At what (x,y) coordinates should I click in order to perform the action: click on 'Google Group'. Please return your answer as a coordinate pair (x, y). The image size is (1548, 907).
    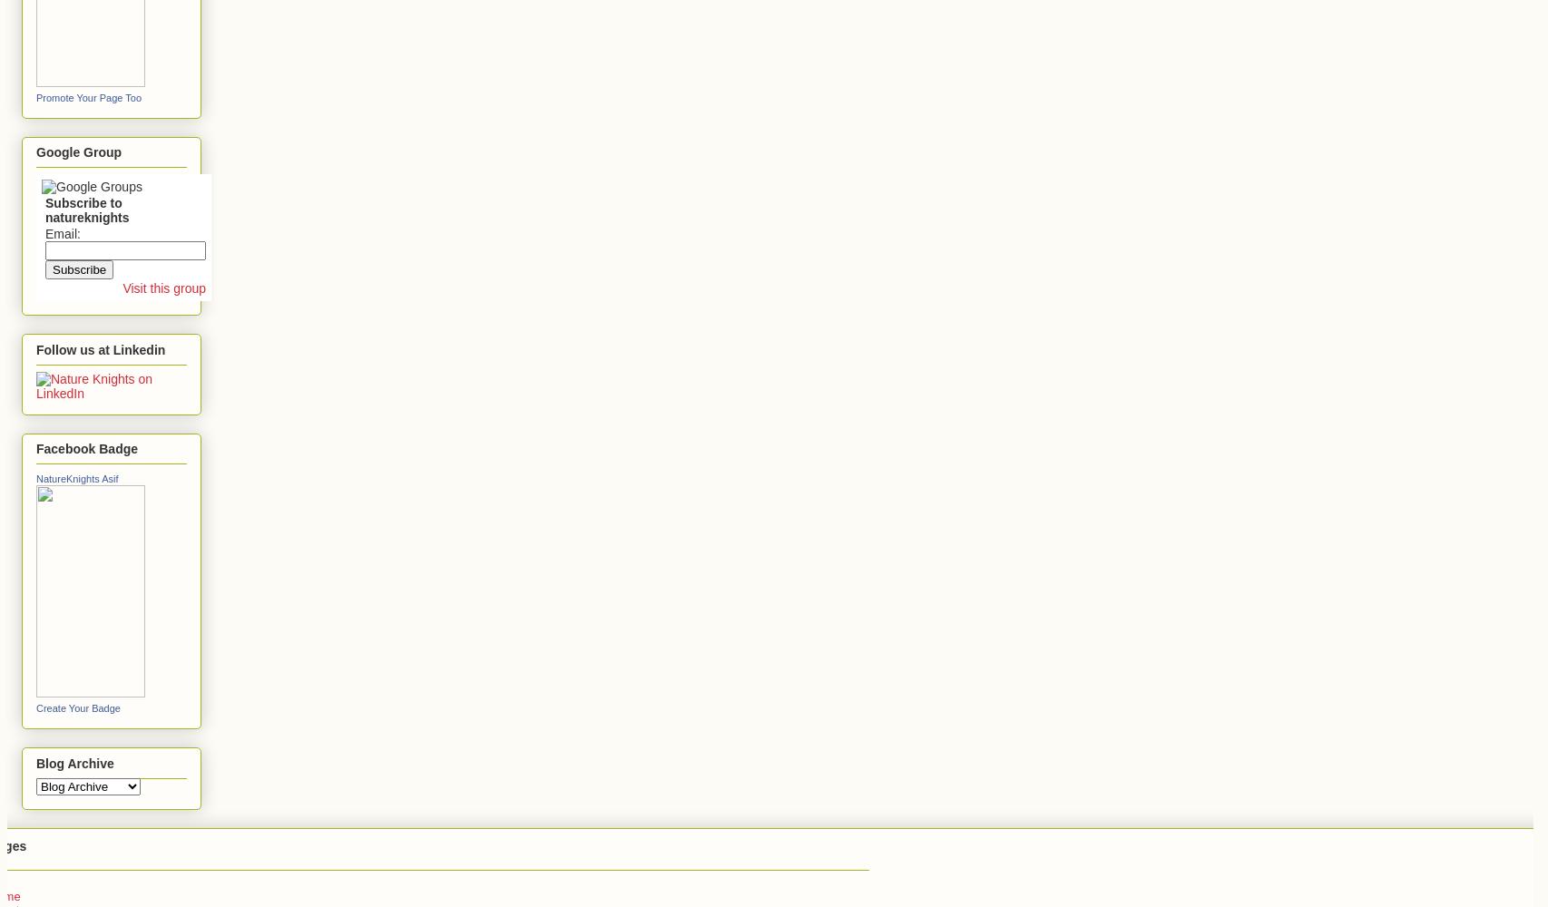
    Looking at the image, I should click on (35, 152).